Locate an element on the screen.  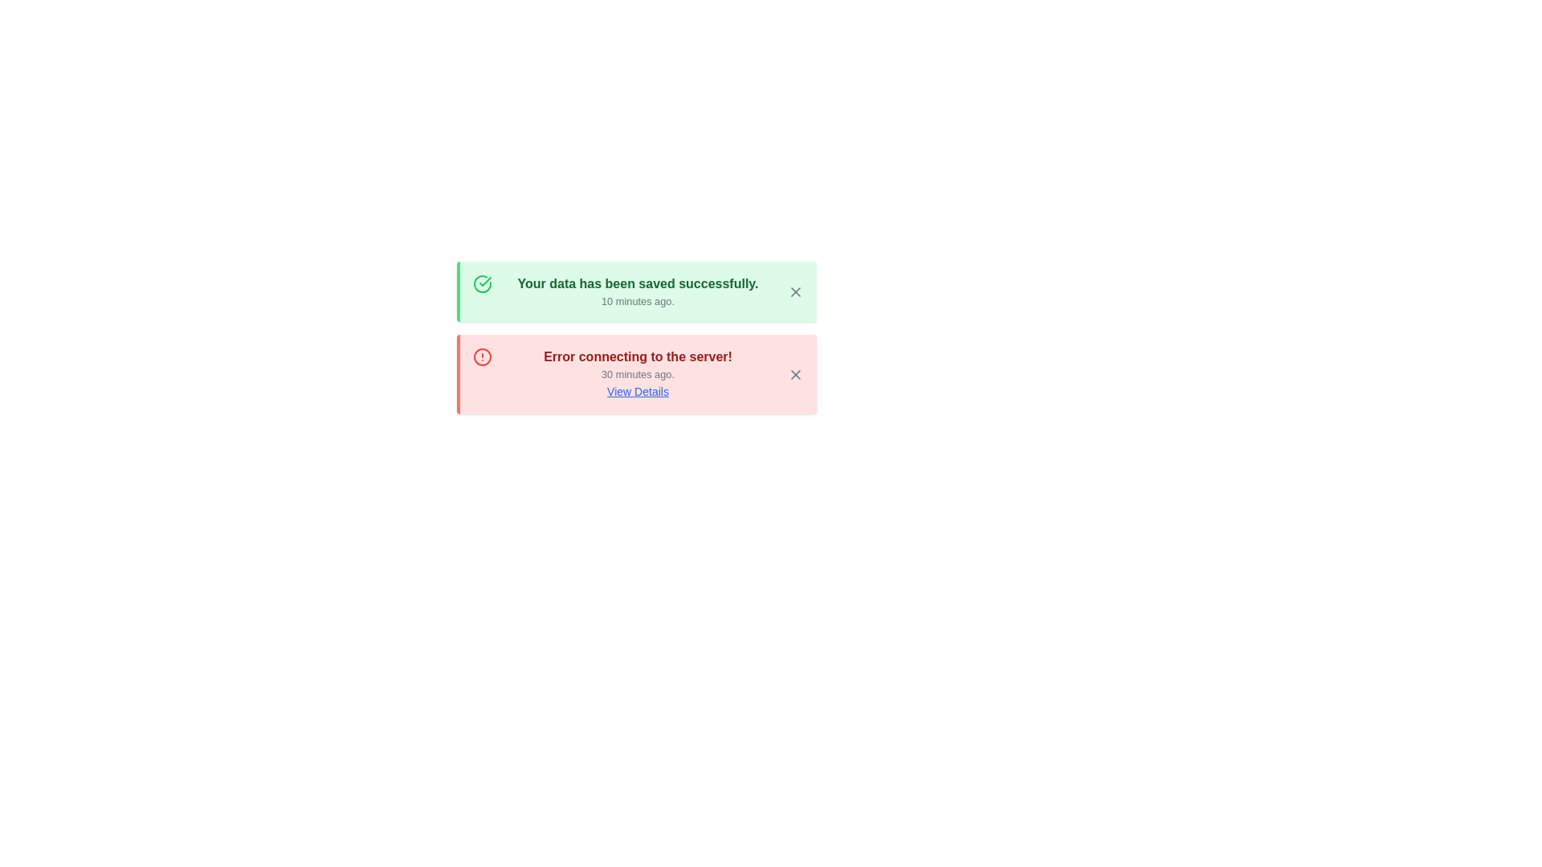
the circular icon with a green border and a green checkmark inside, which represents confirmation or success, located within the green success notification at the top, before the text 'Your data has been saved successfully.' is located at coordinates (481, 283).